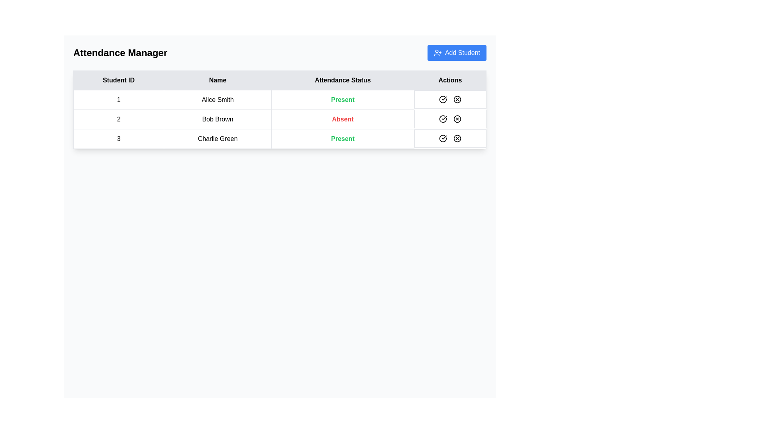 The height and width of the screenshot is (430, 765). I want to click on the graphical icon in the Action column of the second row associated with the entry labeled 'Bob Brown', so click(457, 119).